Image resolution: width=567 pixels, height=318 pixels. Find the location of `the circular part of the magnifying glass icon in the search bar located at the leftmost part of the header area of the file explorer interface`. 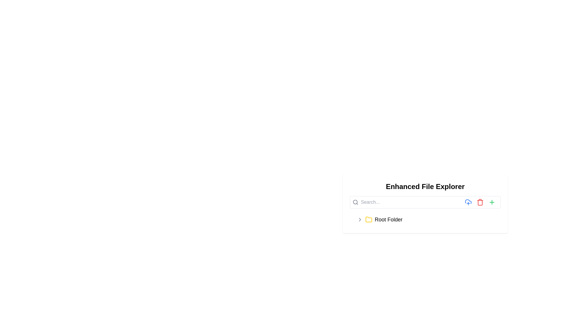

the circular part of the magnifying glass icon in the search bar located at the leftmost part of the header area of the file explorer interface is located at coordinates (355, 202).